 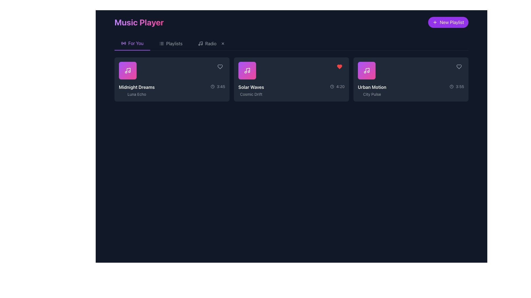 What do you see at coordinates (211, 43) in the screenshot?
I see `the 'Radio' navigation menu item, which is the third option in the menu bar and is styled in gray color` at bounding box center [211, 43].